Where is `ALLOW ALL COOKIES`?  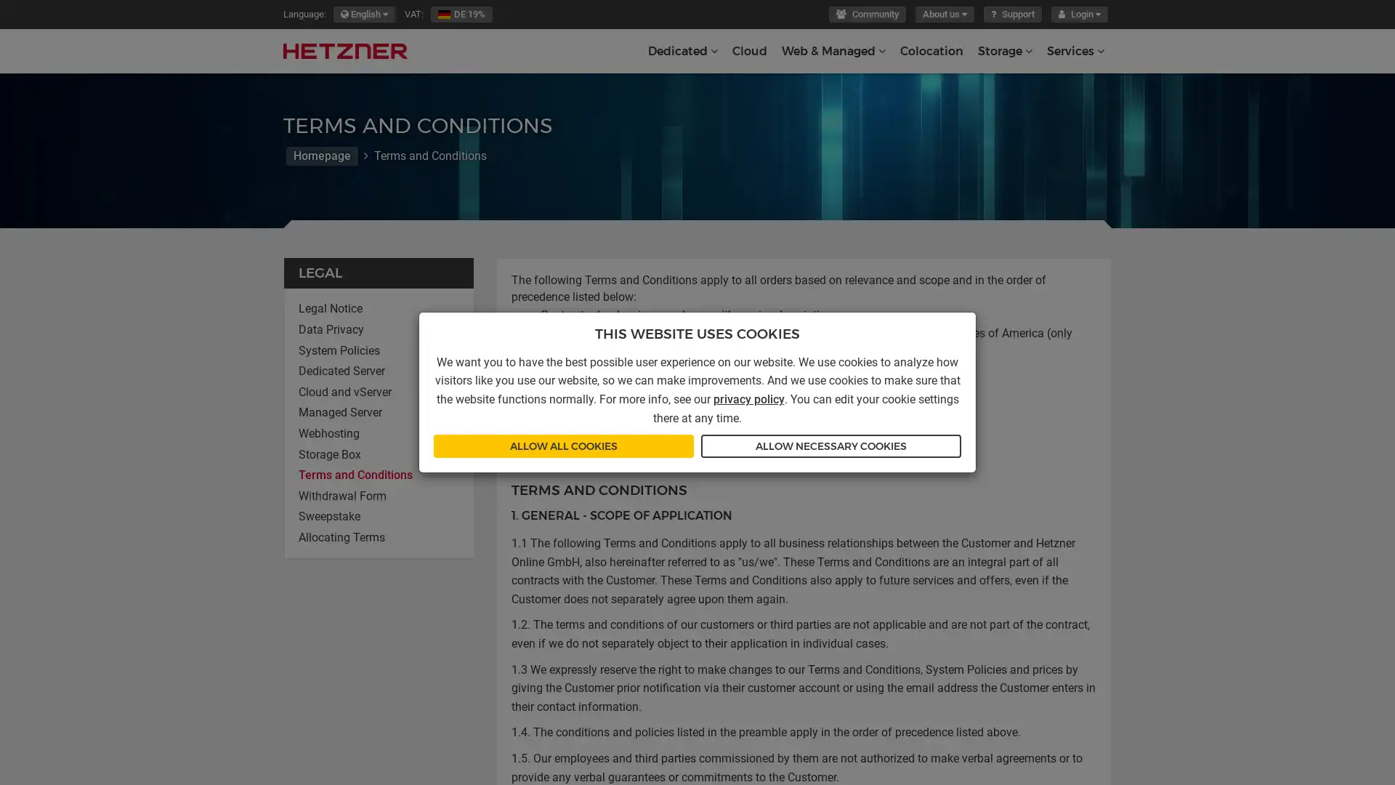
ALLOW ALL COOKIES is located at coordinates (563, 445).